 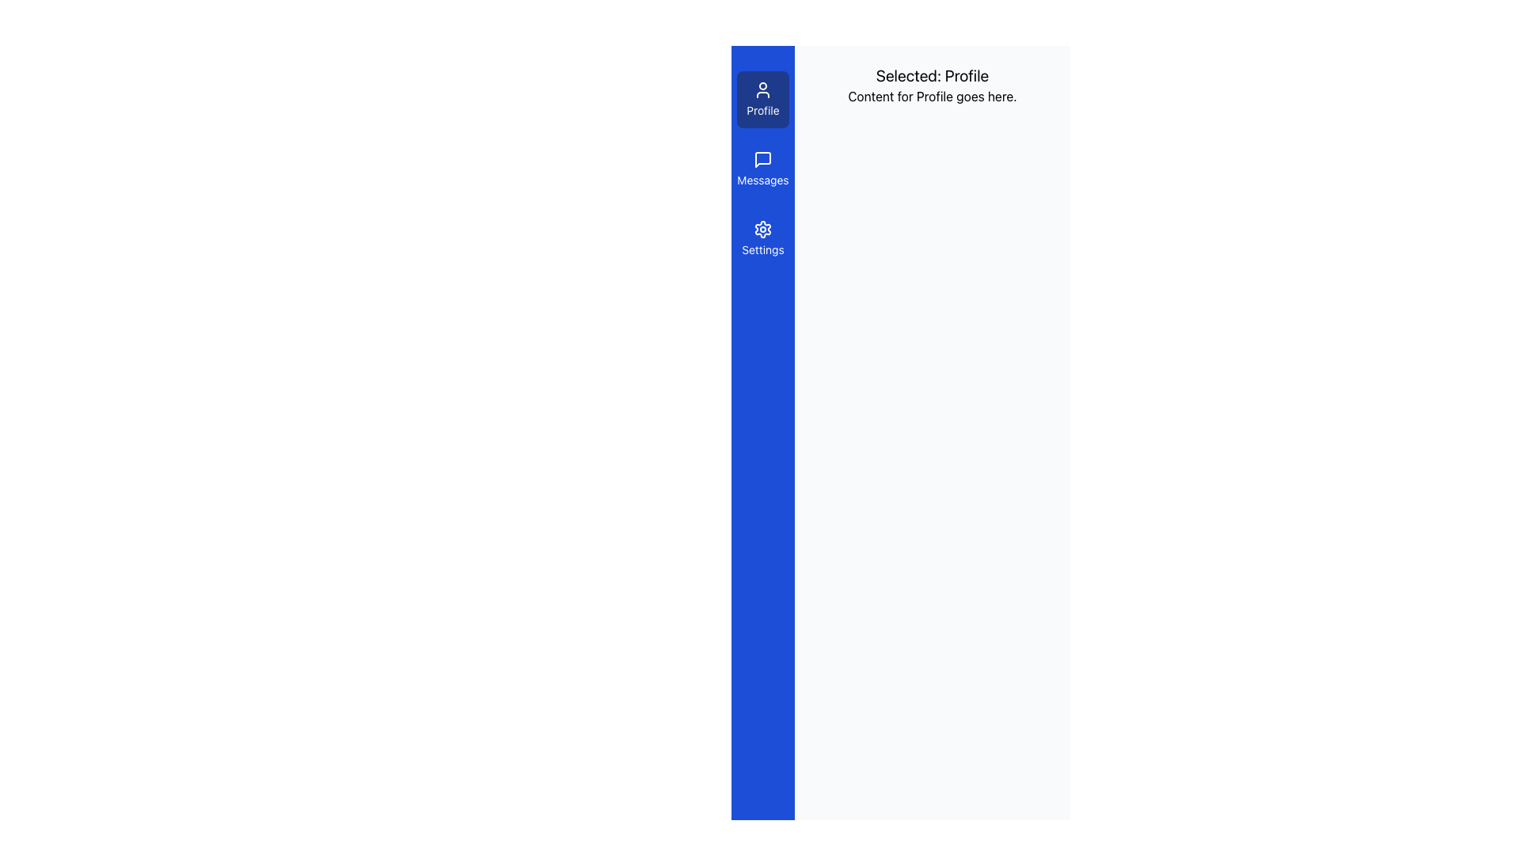 I want to click on the 'Settings' button with a gear icon located in the left sidebar, so click(x=763, y=238).